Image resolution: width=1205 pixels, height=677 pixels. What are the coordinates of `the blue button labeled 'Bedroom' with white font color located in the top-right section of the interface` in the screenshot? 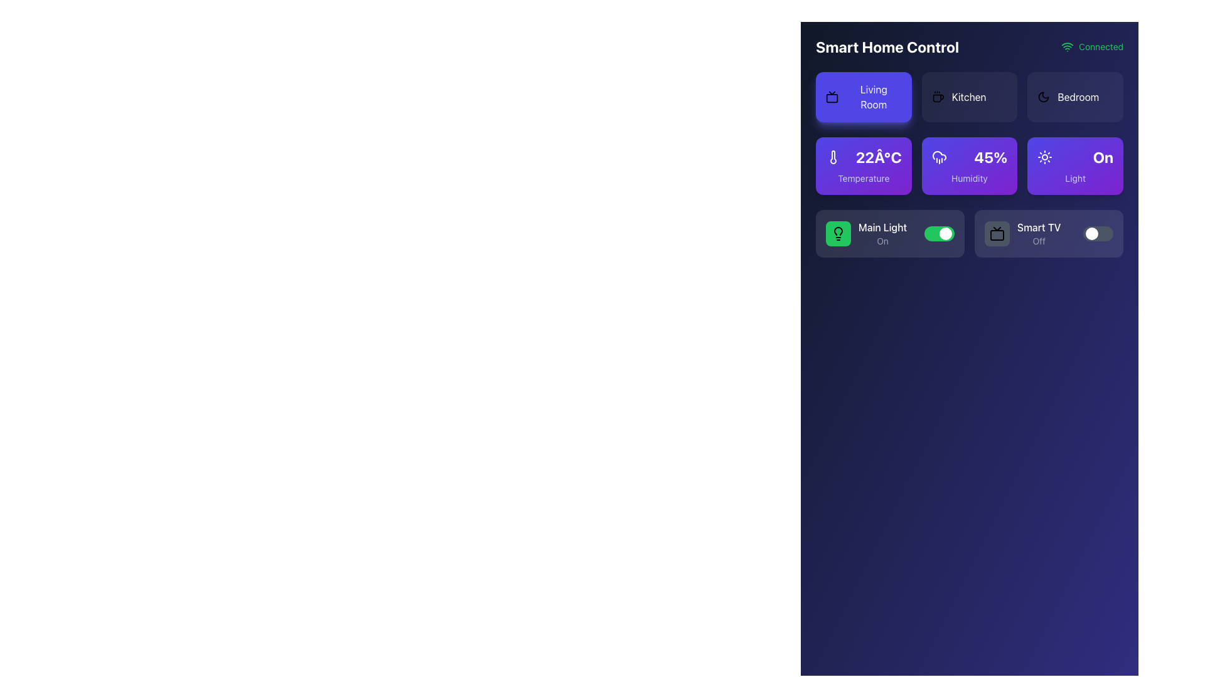 It's located at (1078, 96).